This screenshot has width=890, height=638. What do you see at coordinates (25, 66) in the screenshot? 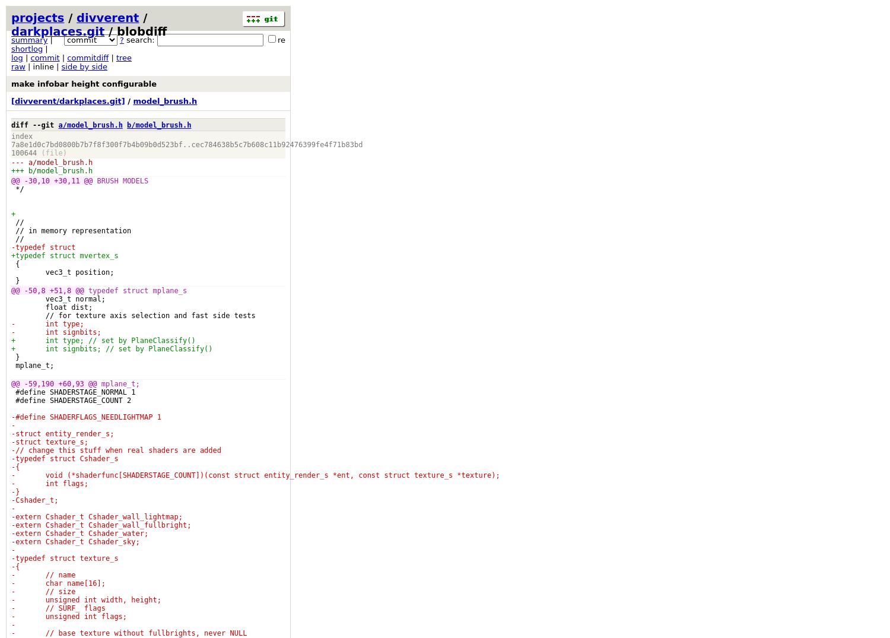
I see `'| inline |'` at bounding box center [25, 66].